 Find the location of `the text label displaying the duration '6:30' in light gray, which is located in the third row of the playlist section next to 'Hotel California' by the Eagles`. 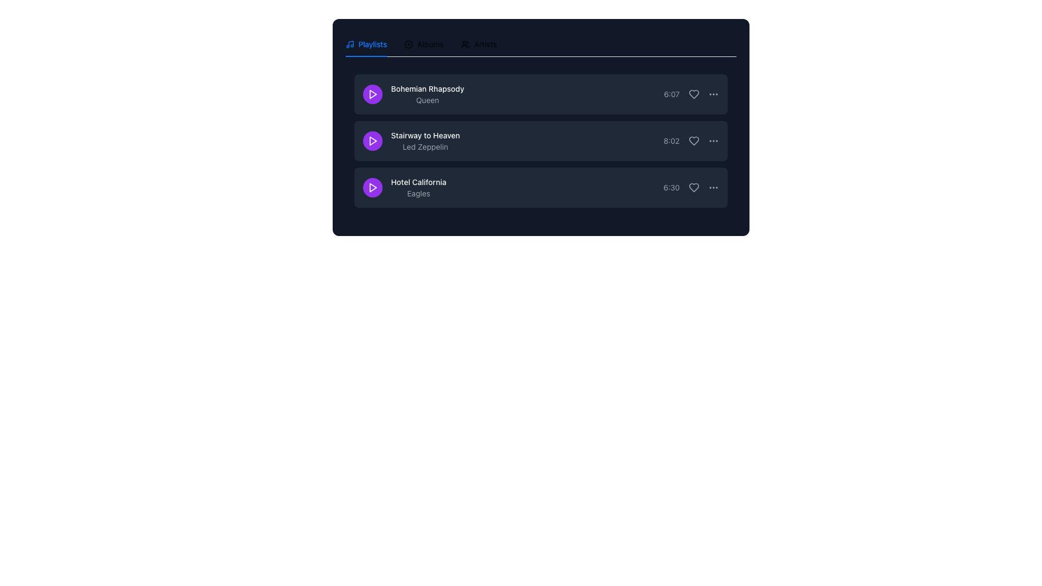

the text label displaying the duration '6:30' in light gray, which is located in the third row of the playlist section next to 'Hotel California' by the Eagles is located at coordinates (671, 187).